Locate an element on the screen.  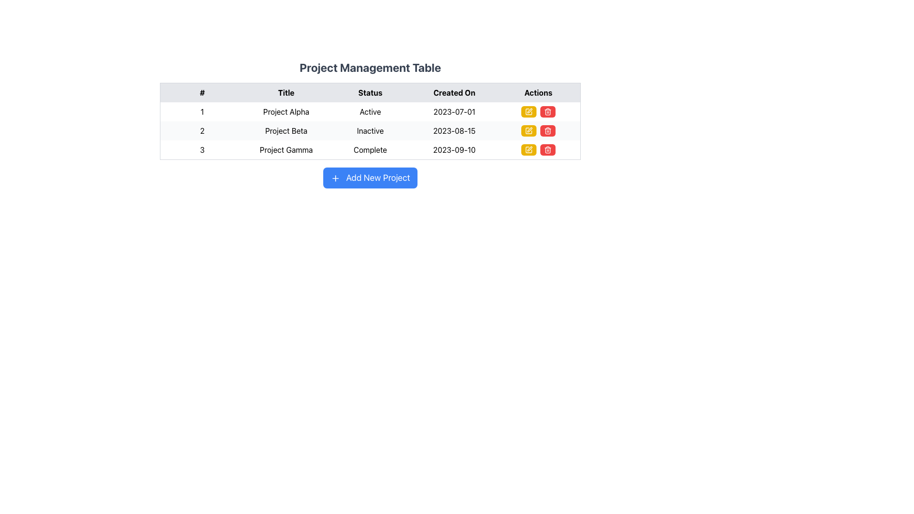
the text label 'Actions' in the header row of the table, which is the fifth column header styled in bold black font against a gray background is located at coordinates (538, 92).